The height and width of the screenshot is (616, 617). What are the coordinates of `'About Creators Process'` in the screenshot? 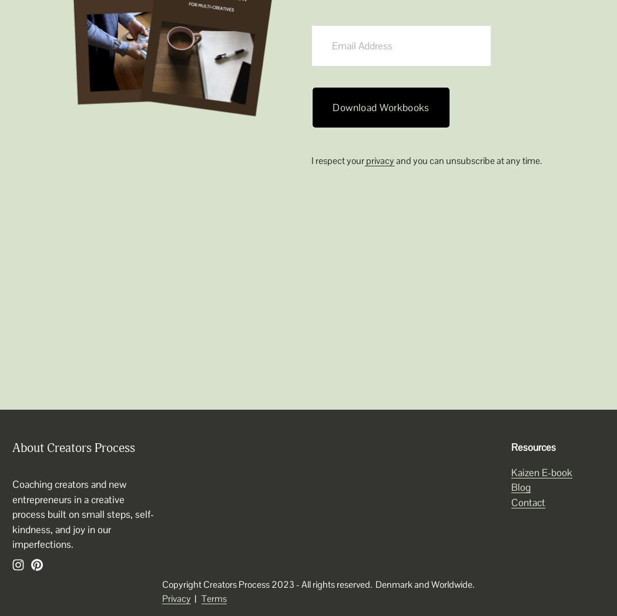 It's located at (73, 448).